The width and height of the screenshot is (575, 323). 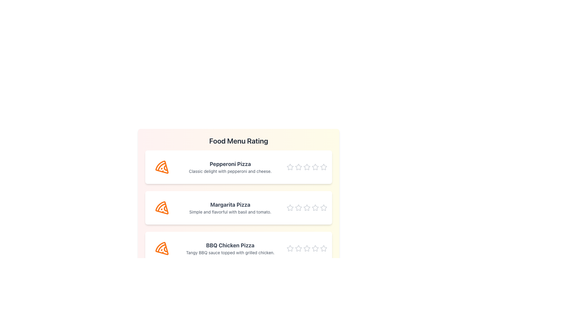 I want to click on the decorative icon at the bottom left of the 'BBQ Chicken Pizza' panel to enhance visual appeal and aid quick identification, so click(x=162, y=248).